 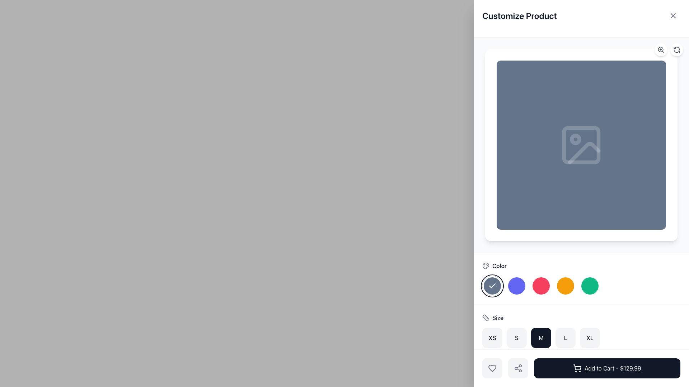 What do you see at coordinates (497, 317) in the screenshot?
I see `the 'Size' label, which is styled with a medium font weight and dark gray color, located next to a ruler icon in the Color section above size buttons` at bounding box center [497, 317].